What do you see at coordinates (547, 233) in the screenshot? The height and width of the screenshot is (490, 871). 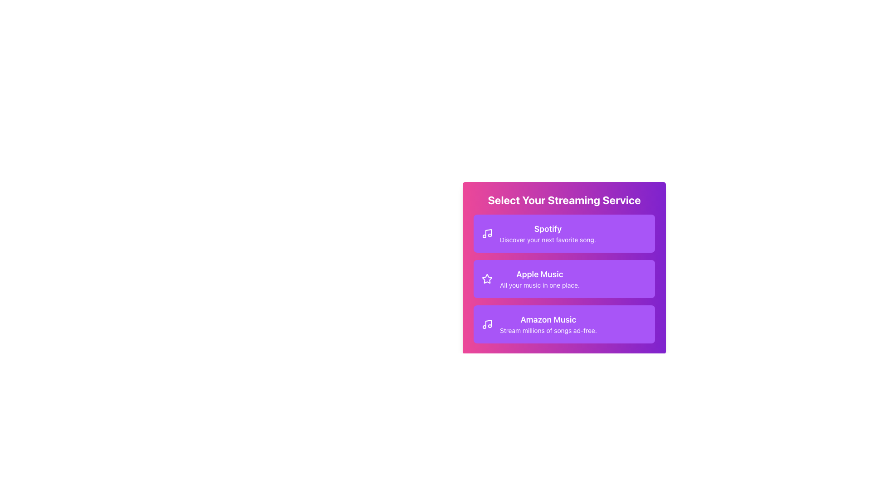 I see `the Clickable List Item labeled 'Spotify' which features bold text on a purple background` at bounding box center [547, 233].